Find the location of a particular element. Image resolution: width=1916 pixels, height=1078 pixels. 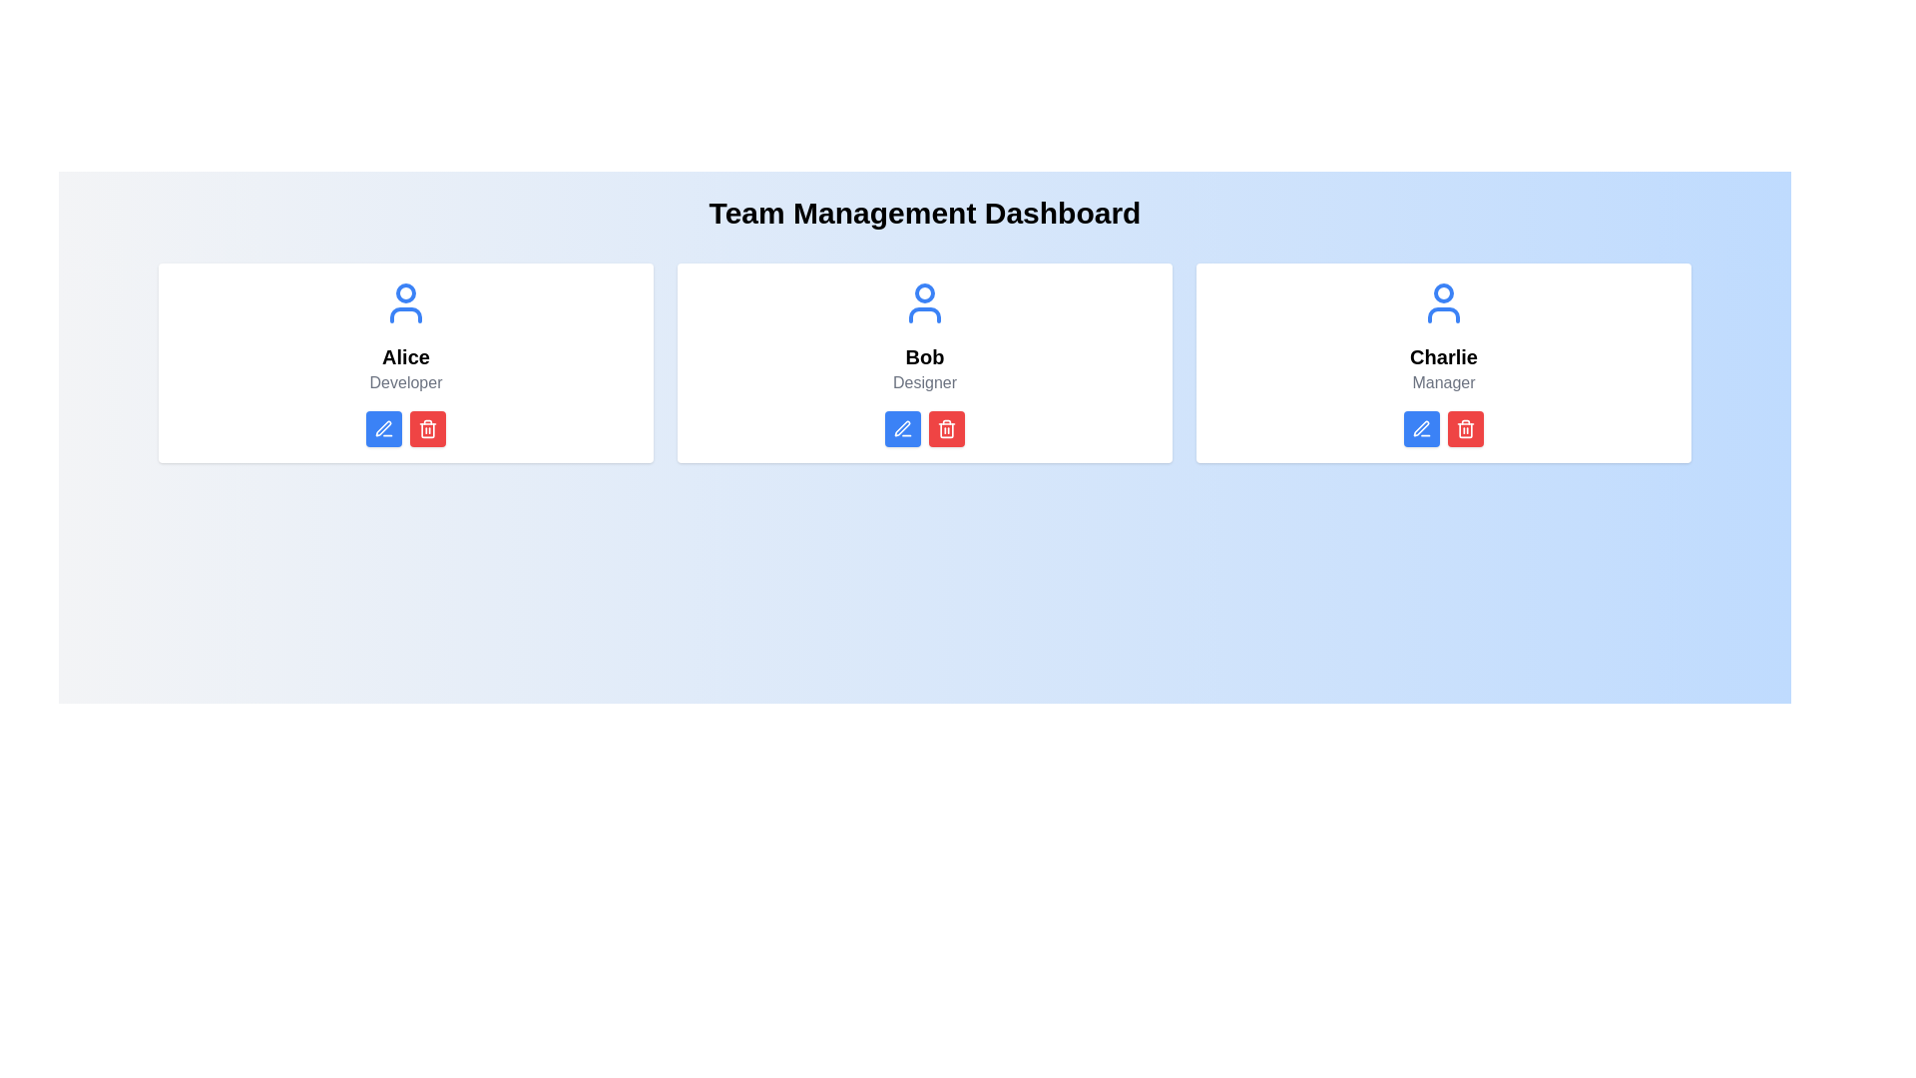

the pen-shaped icon button representing the edit action for Charlie, located below the text 'Charlie - Manager' is located at coordinates (1420, 427).